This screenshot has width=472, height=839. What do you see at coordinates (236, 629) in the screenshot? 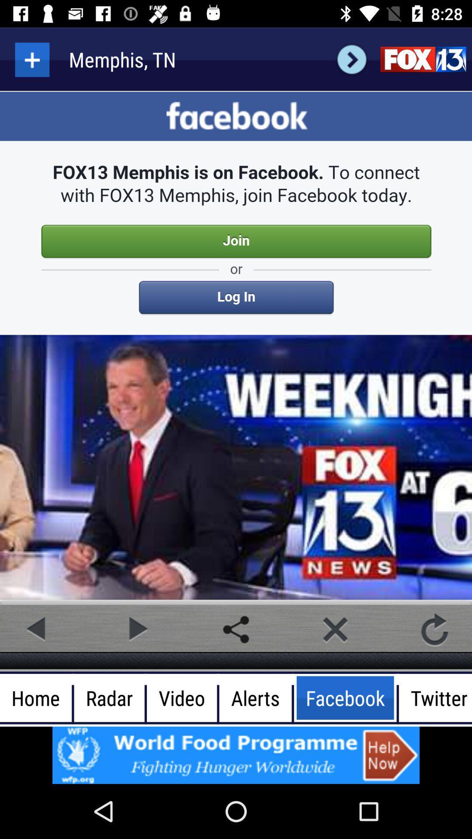
I see `share online` at bounding box center [236, 629].